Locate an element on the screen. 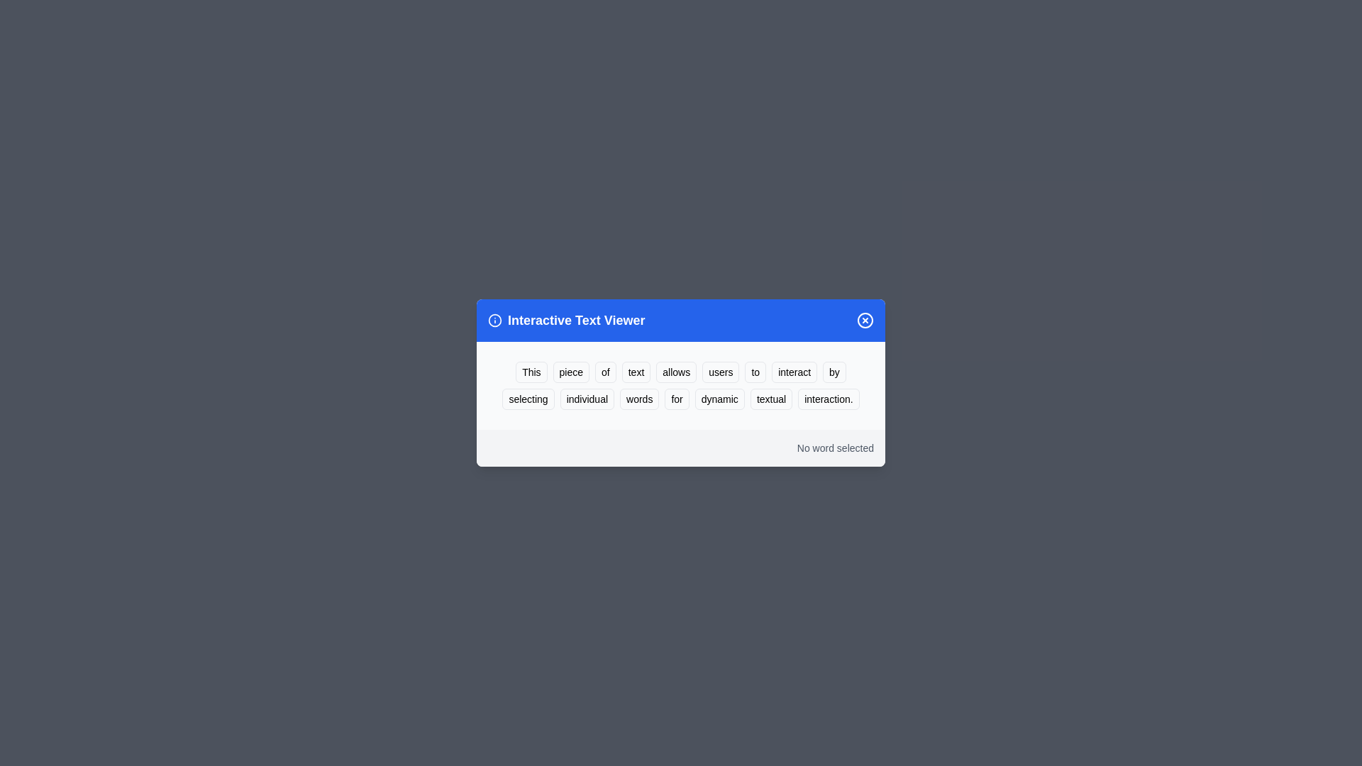 The height and width of the screenshot is (766, 1362). the word 'interaction.' to highlight it is located at coordinates (829, 399).